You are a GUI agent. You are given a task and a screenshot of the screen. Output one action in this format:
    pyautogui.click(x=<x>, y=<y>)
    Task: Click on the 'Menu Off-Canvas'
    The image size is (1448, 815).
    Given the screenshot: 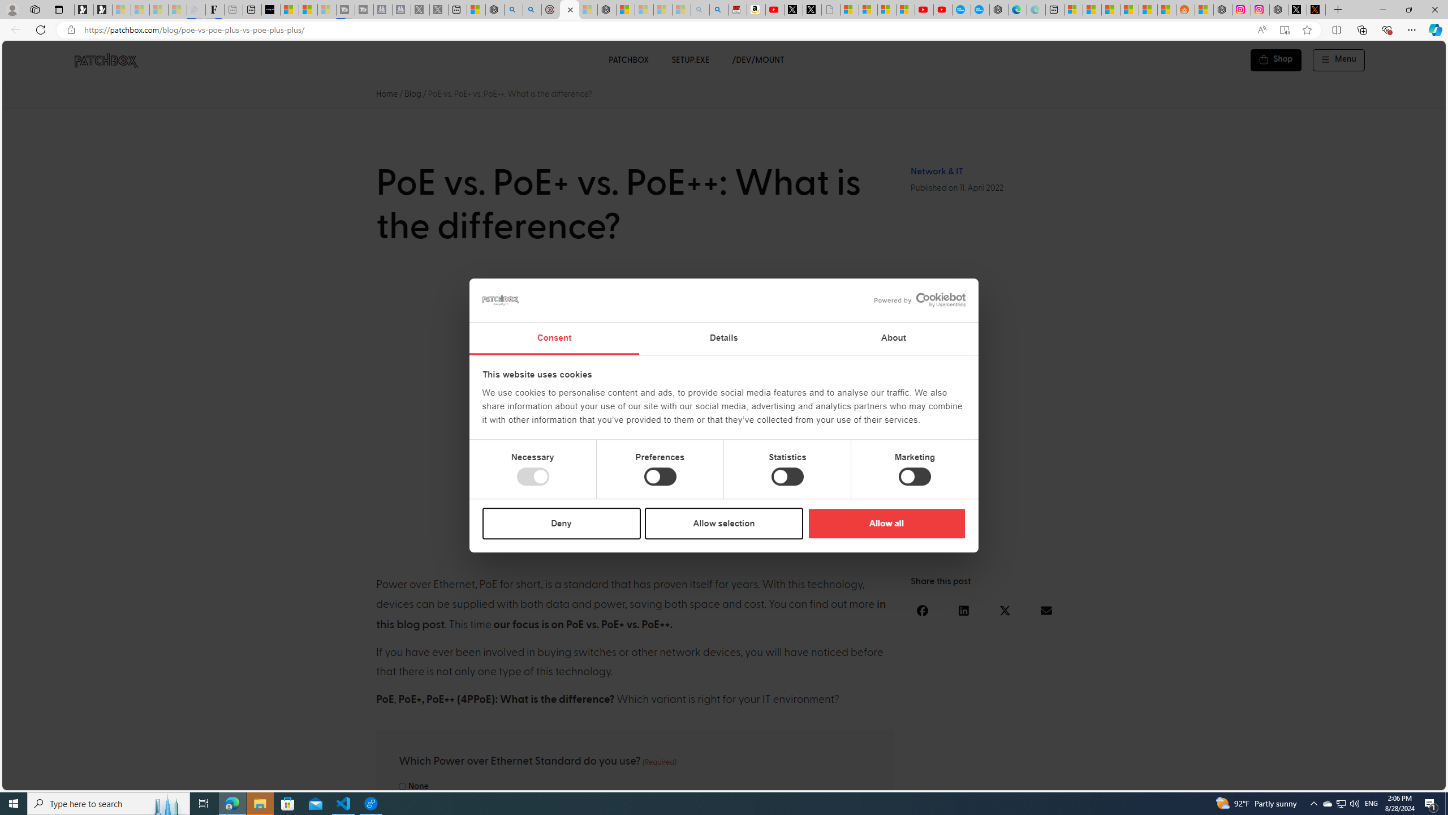 What is the action you would take?
    pyautogui.click(x=1339, y=60)
    